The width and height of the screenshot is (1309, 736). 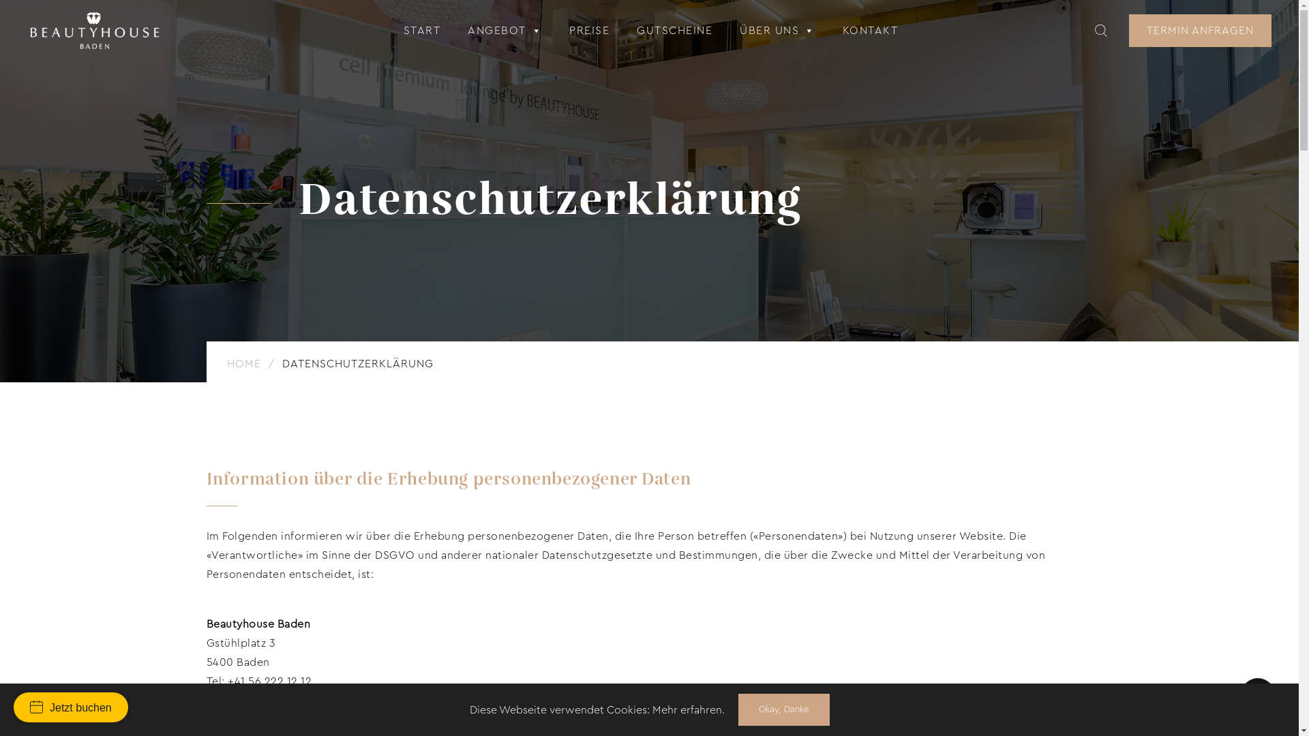 What do you see at coordinates (869, 31) in the screenshot?
I see `'KONTAKT'` at bounding box center [869, 31].